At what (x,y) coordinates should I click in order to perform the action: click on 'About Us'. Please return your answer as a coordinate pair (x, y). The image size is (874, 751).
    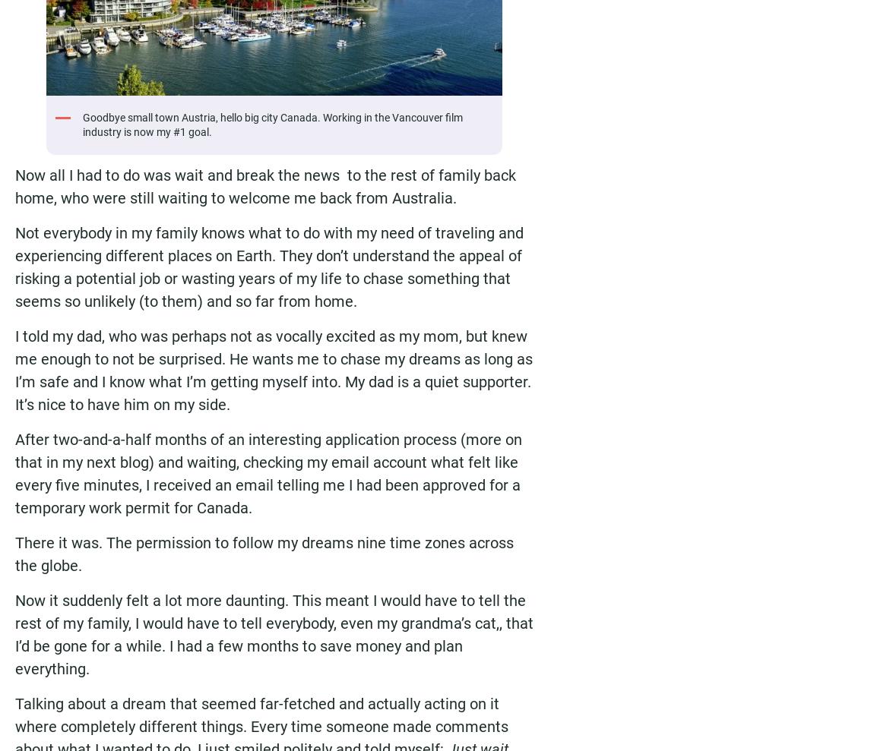
    Looking at the image, I should click on (353, 134).